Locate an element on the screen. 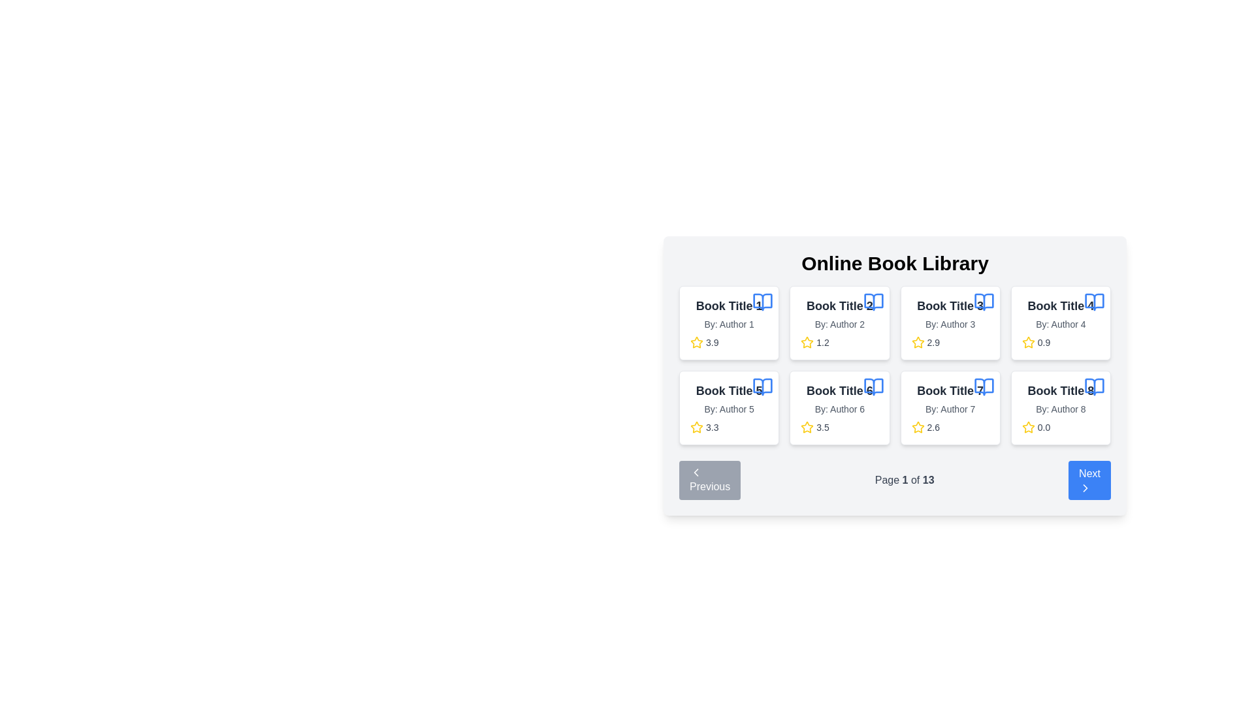  the Vector icon representing a book in the bottom-right corner of the 'Book Title 8' item card, which is non-interactive is located at coordinates (1094, 386).